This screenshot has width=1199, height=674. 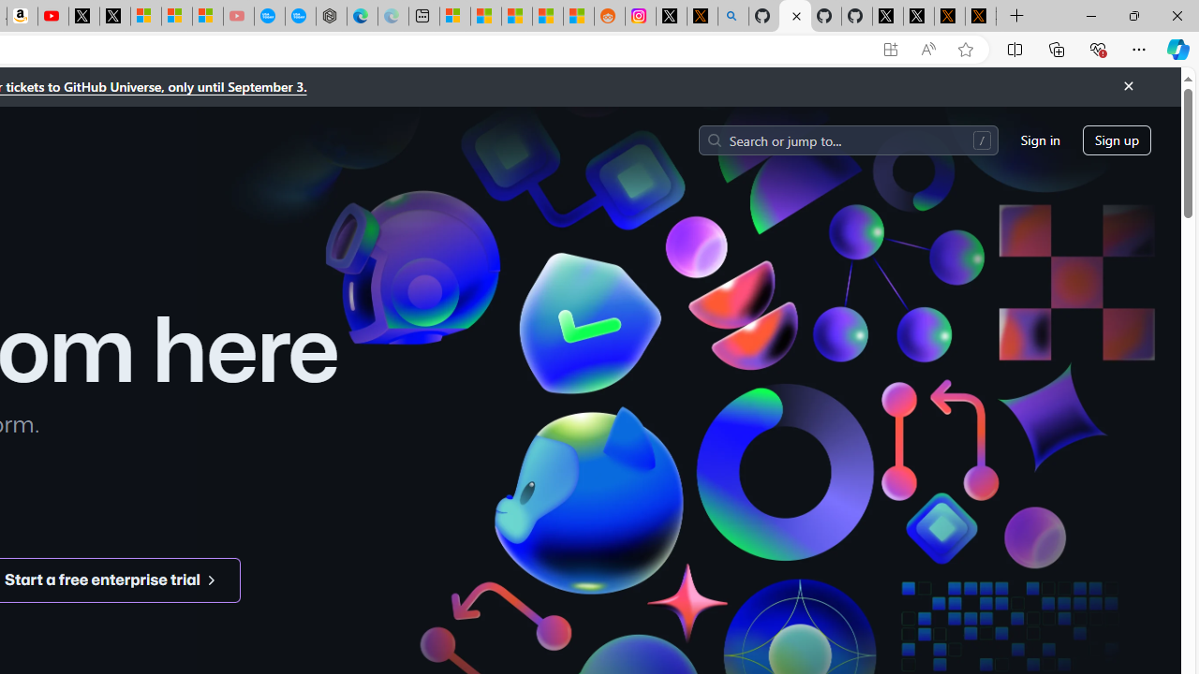 What do you see at coordinates (732, 16) in the screenshot?
I see `'github - Search'` at bounding box center [732, 16].